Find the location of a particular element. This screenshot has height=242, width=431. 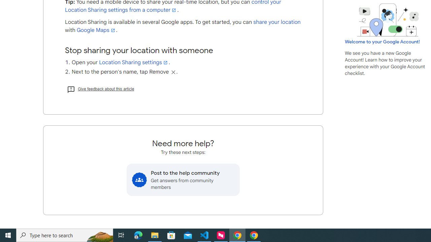

'Google Maps' is located at coordinates (96, 30).